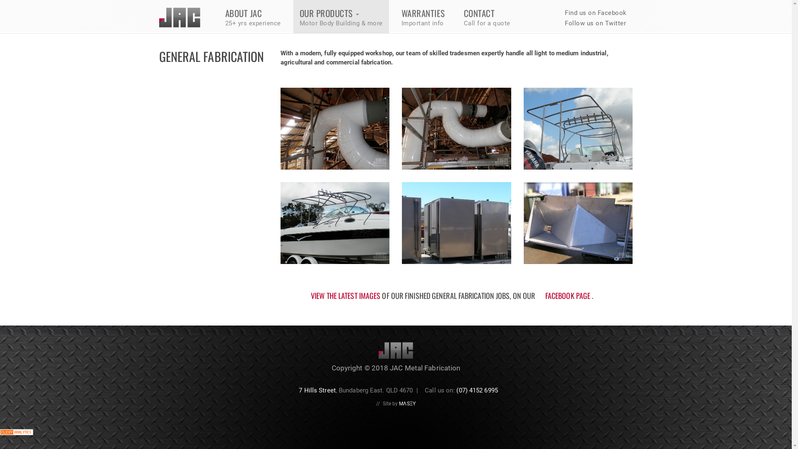  What do you see at coordinates (341, 16) in the screenshot?
I see `'OUR PRODUCTS` at bounding box center [341, 16].